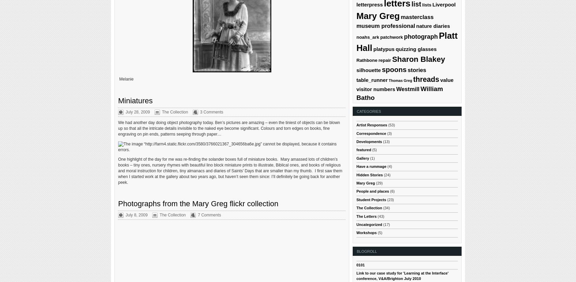  What do you see at coordinates (371, 166) in the screenshot?
I see `'Have a rummage'` at bounding box center [371, 166].